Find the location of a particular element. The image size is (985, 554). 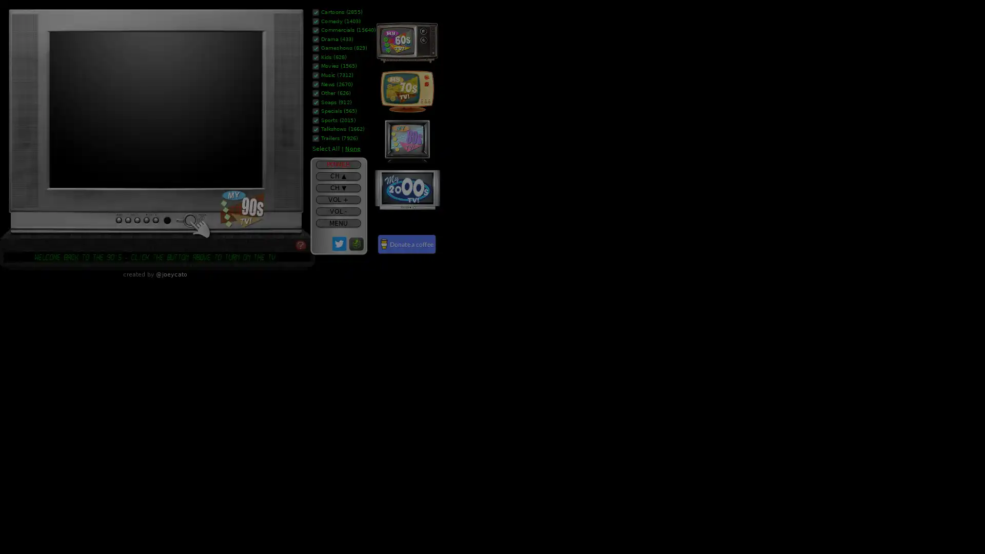

VOL + is located at coordinates (338, 200).